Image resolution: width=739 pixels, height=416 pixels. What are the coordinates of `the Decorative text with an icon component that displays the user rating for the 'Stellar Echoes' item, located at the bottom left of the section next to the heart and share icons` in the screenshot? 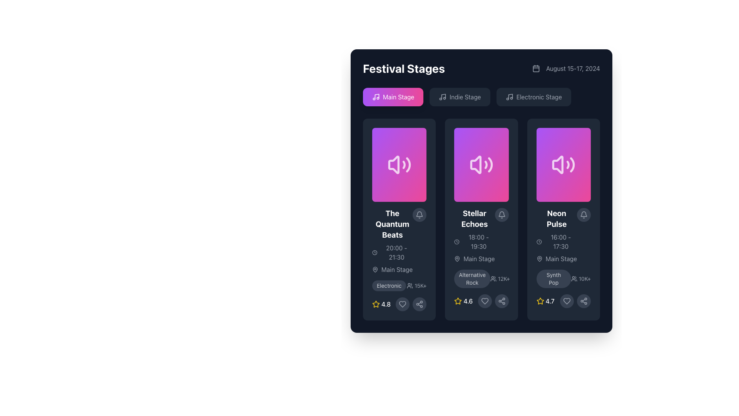 It's located at (463, 301).